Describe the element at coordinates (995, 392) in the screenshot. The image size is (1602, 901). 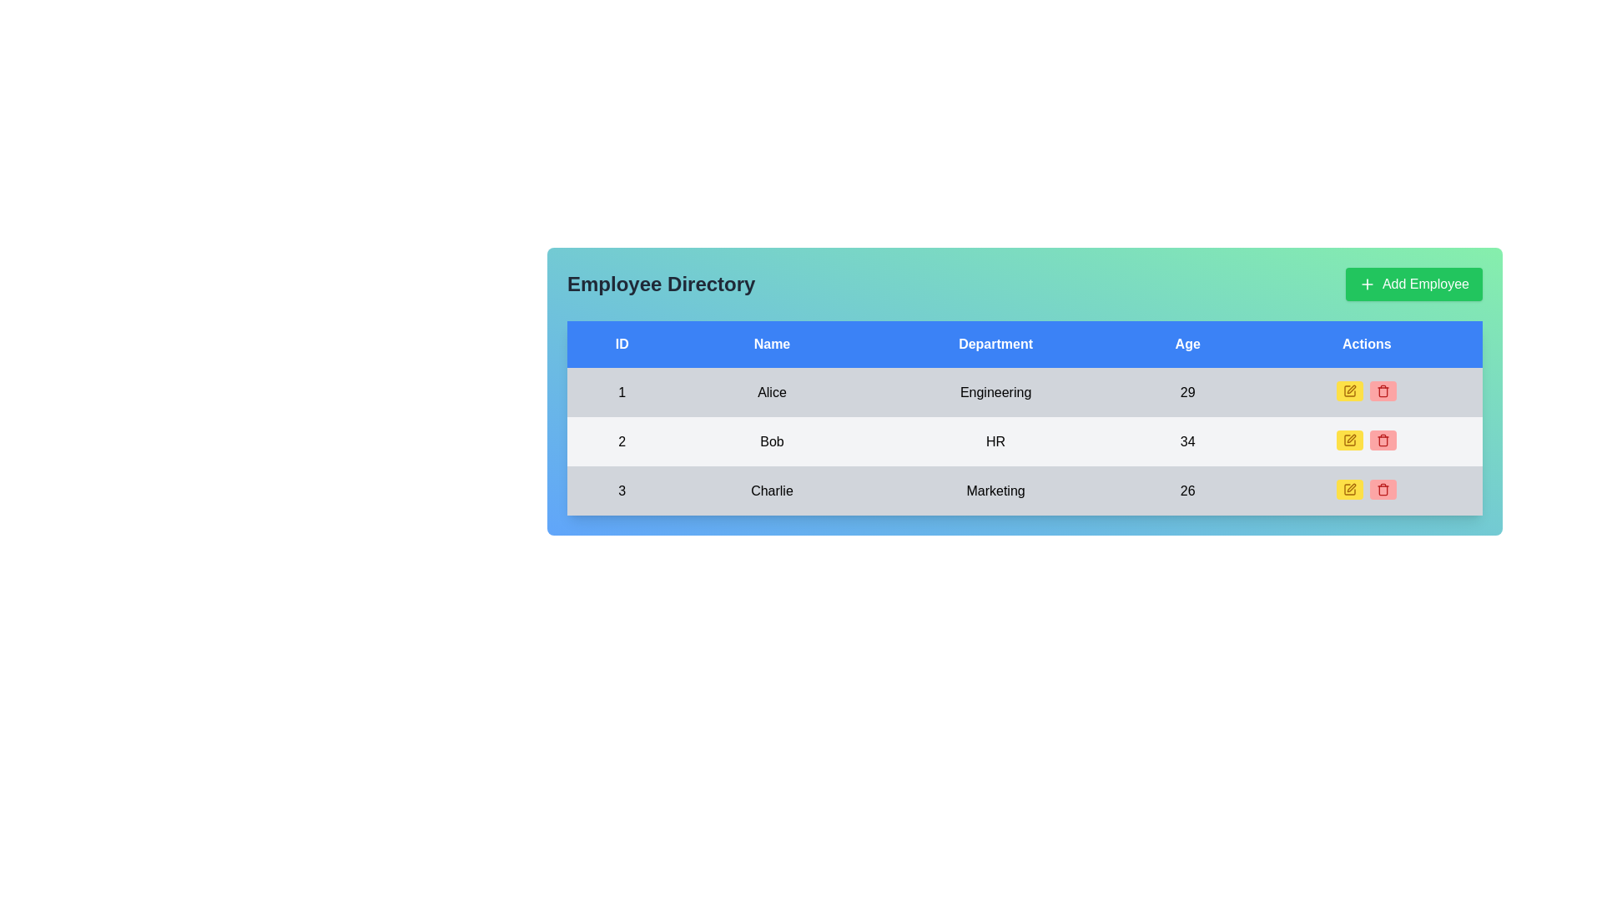
I see `the text 'Engineering' in the table cell under the 'Department' column for the individual 'Alice' in the 'Employee Directory' interface` at that location.